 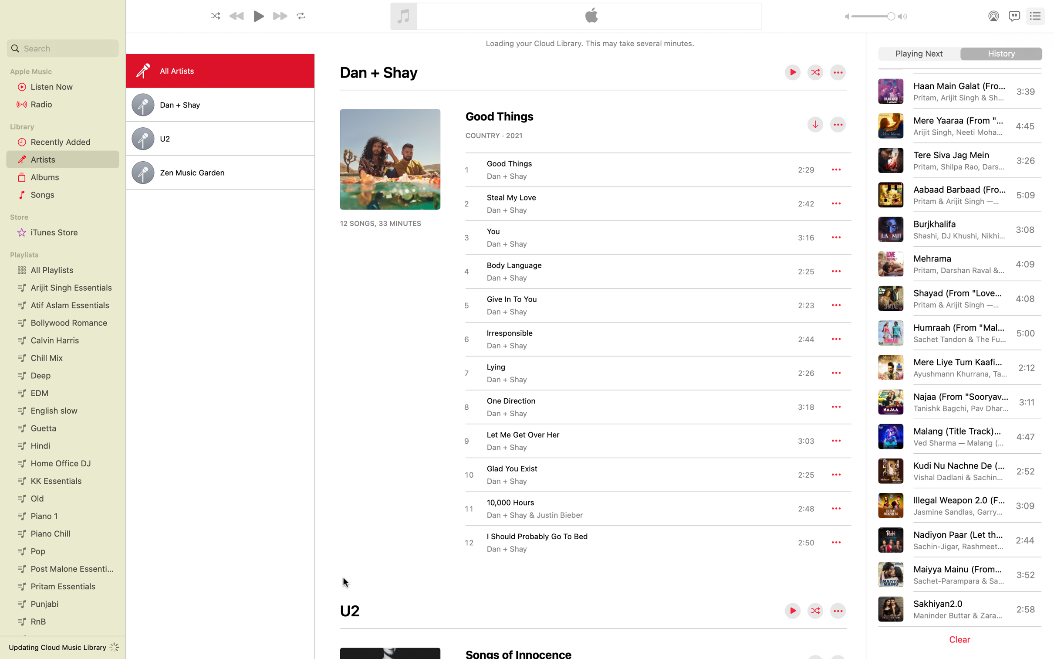 What do you see at coordinates (957, 539) in the screenshot?
I see `Start the track "Nadiyon Paar` at bounding box center [957, 539].